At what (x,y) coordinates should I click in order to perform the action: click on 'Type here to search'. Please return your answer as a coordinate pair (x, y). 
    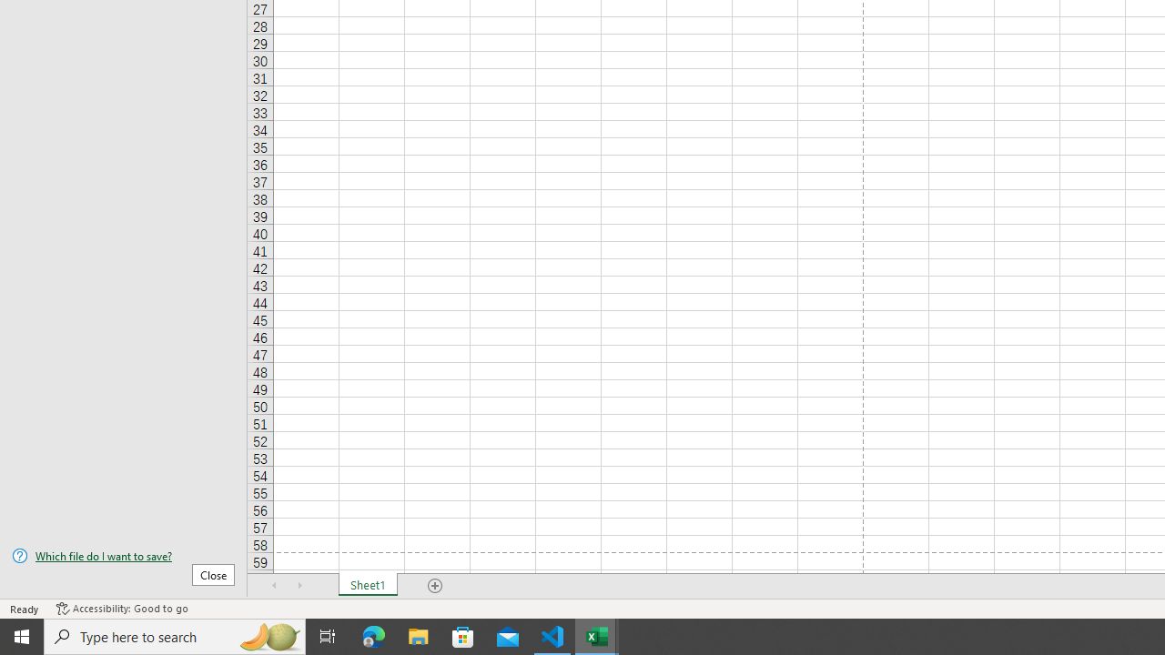
    Looking at the image, I should click on (175, 635).